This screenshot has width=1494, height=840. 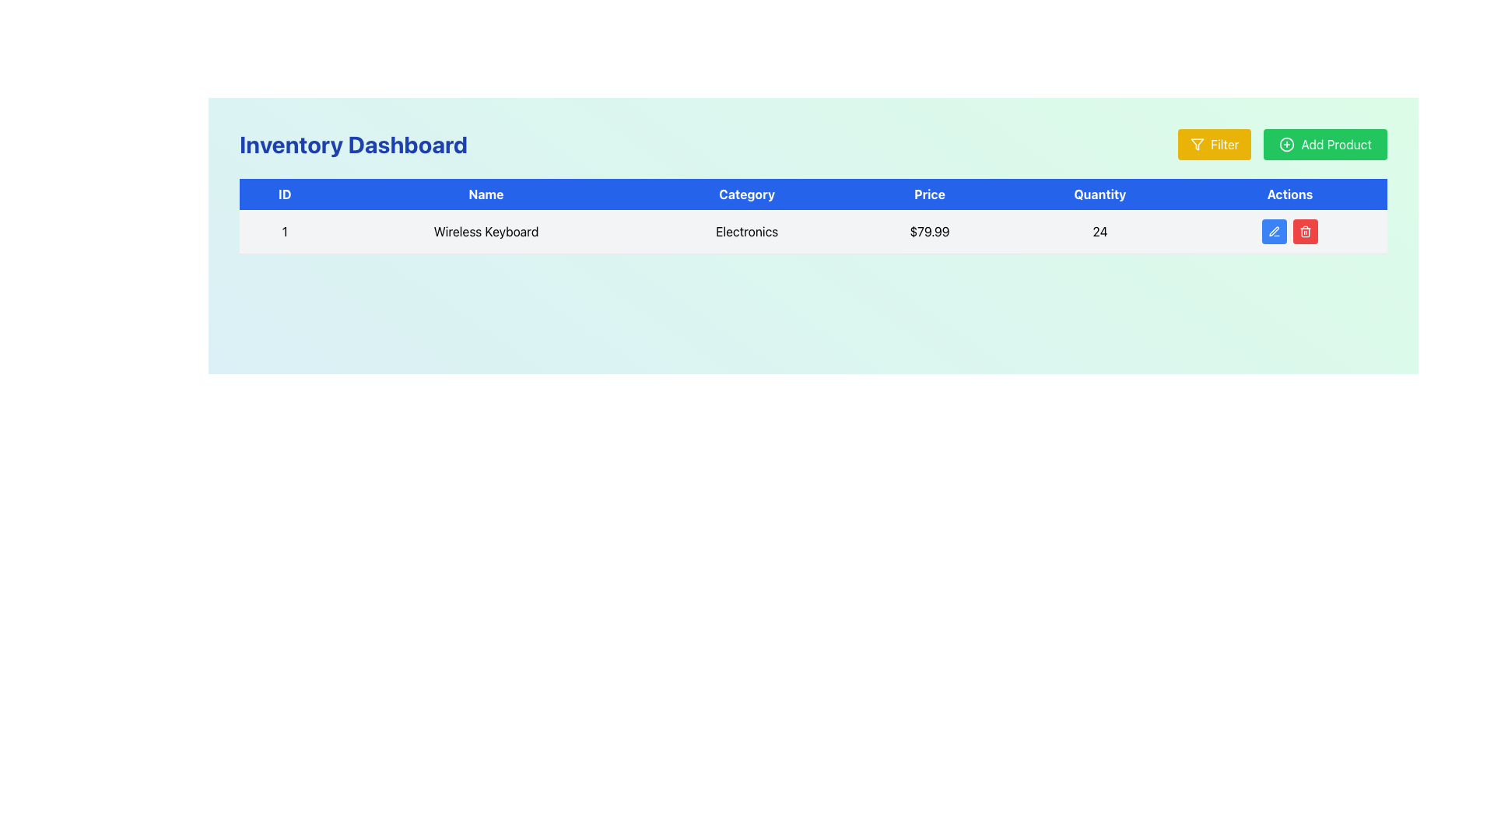 I want to click on the 'Filter' button icon located in the top-right portion of the interface, immediately to the left of the green 'Add Product' button, so click(x=1197, y=144).